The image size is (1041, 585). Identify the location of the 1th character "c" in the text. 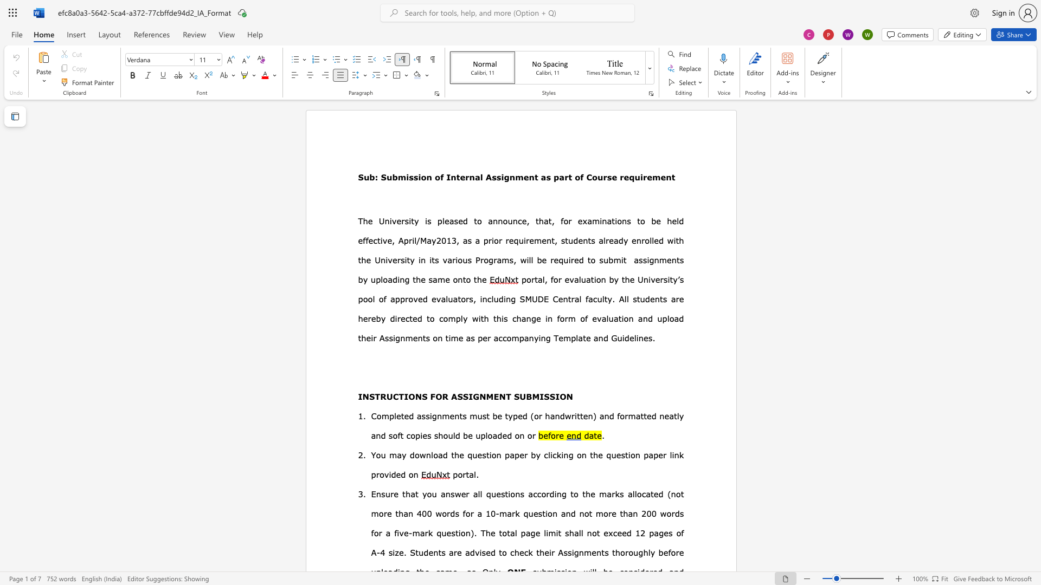
(441, 317).